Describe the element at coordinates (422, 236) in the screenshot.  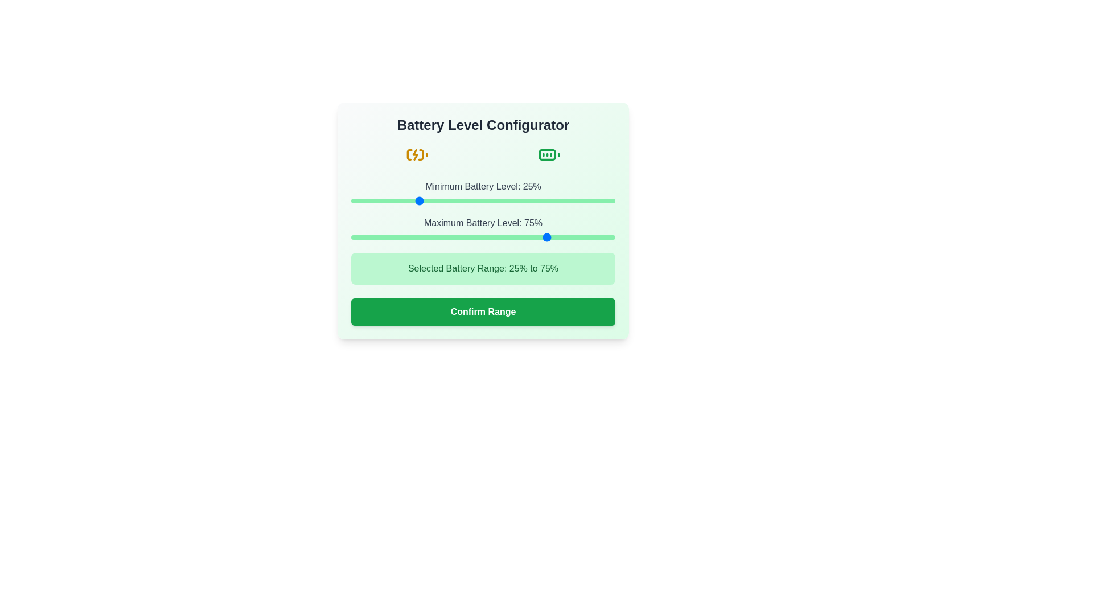
I see `the slider` at that location.